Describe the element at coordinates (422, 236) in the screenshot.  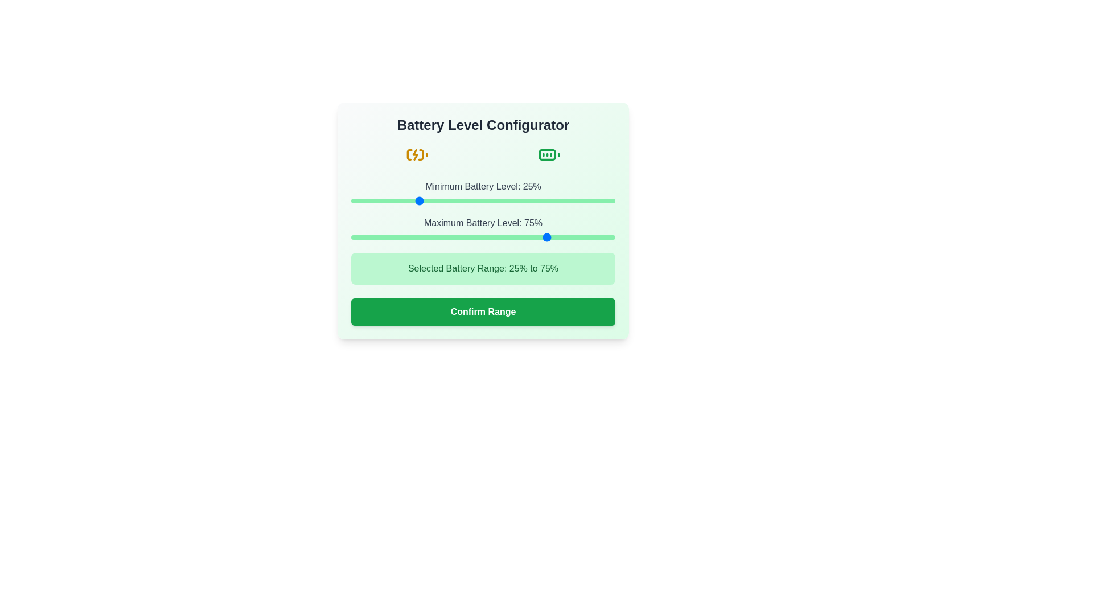
I see `the slider` at that location.